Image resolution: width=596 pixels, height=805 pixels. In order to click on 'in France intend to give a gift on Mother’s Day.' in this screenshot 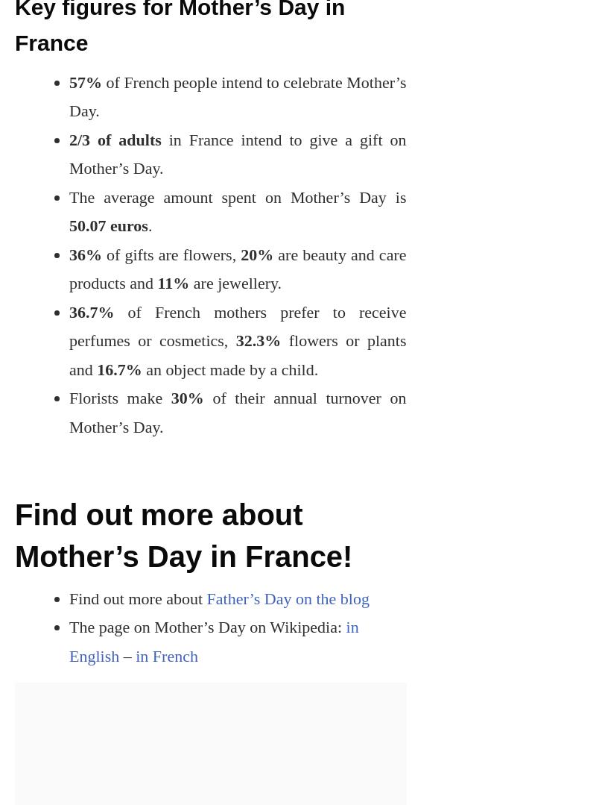, I will do `click(236, 153)`.